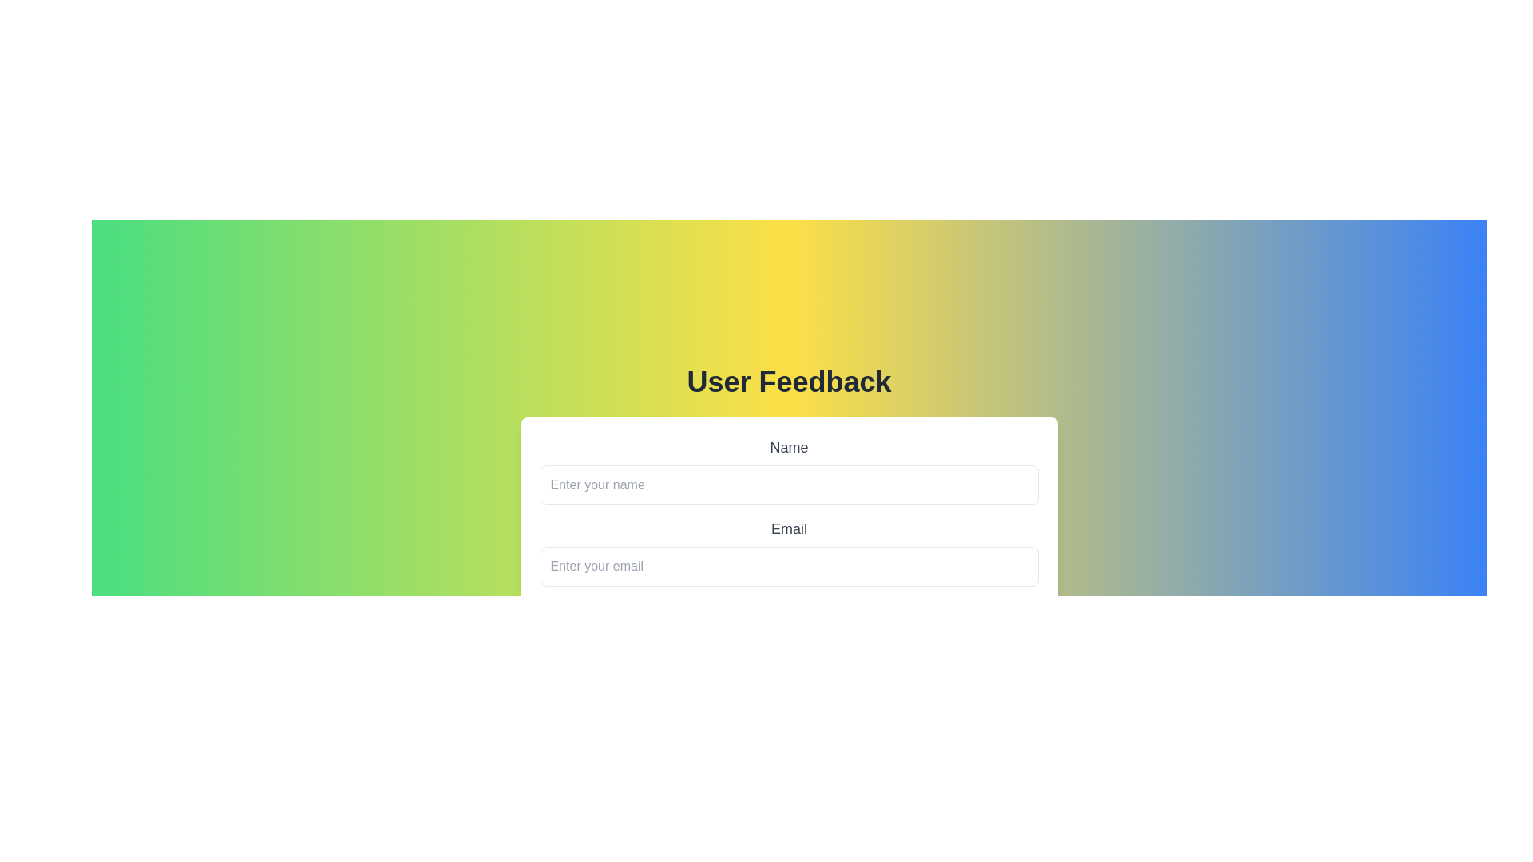 The width and height of the screenshot is (1533, 862). What do you see at coordinates (789, 528) in the screenshot?
I see `the 'Email' label, which is styled with a bold font and located above the email input field in the 'User Feedback' form` at bounding box center [789, 528].